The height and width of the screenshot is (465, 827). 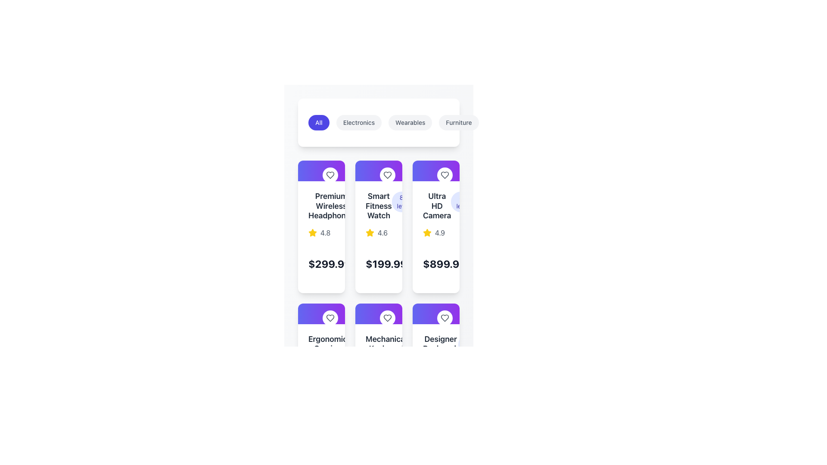 What do you see at coordinates (445, 175) in the screenshot?
I see `the heart-shaped favorite icon outlined in gray, located above the 'Smart Fitness Watch' item, to favorite the item` at bounding box center [445, 175].